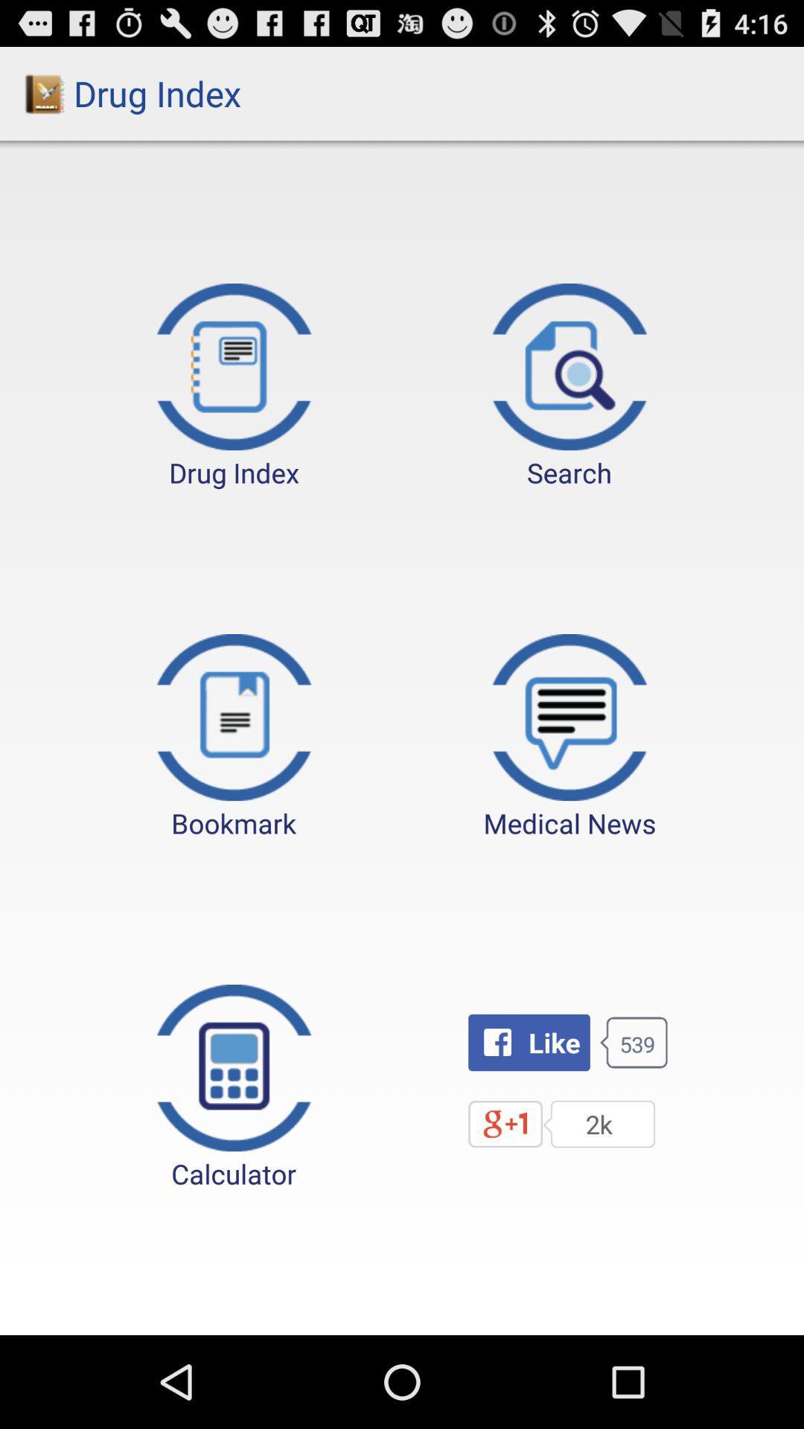 The width and height of the screenshot is (804, 1429). What do you see at coordinates (569, 738) in the screenshot?
I see `the button to the right of the bookmark icon` at bounding box center [569, 738].